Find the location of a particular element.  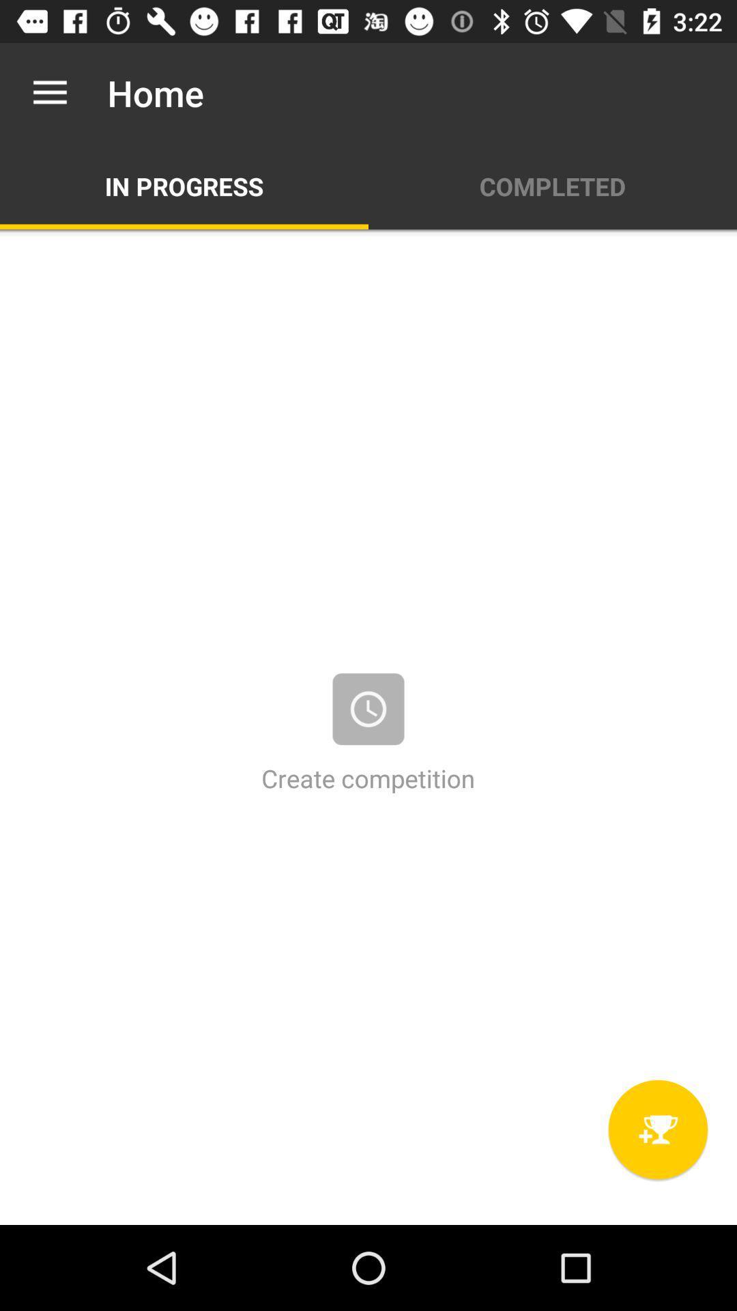

the icon above in progress is located at coordinates (49, 92).